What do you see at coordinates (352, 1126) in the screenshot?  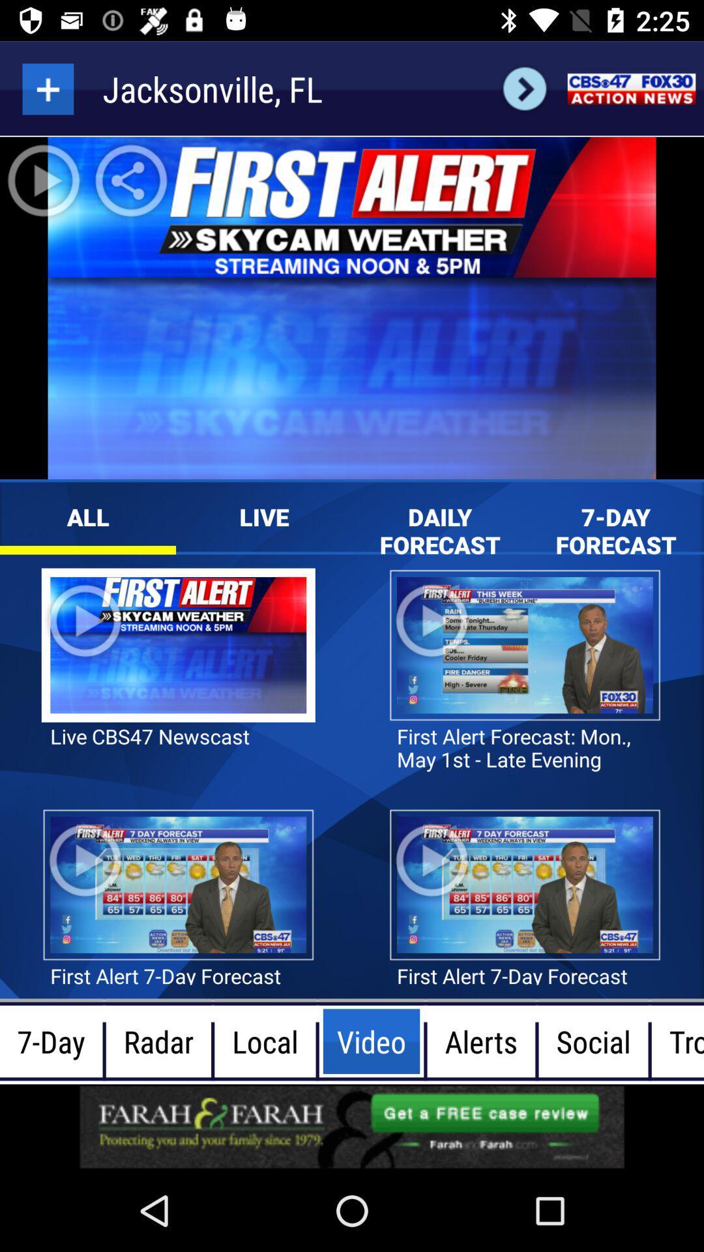 I see `advertisement banner` at bounding box center [352, 1126].